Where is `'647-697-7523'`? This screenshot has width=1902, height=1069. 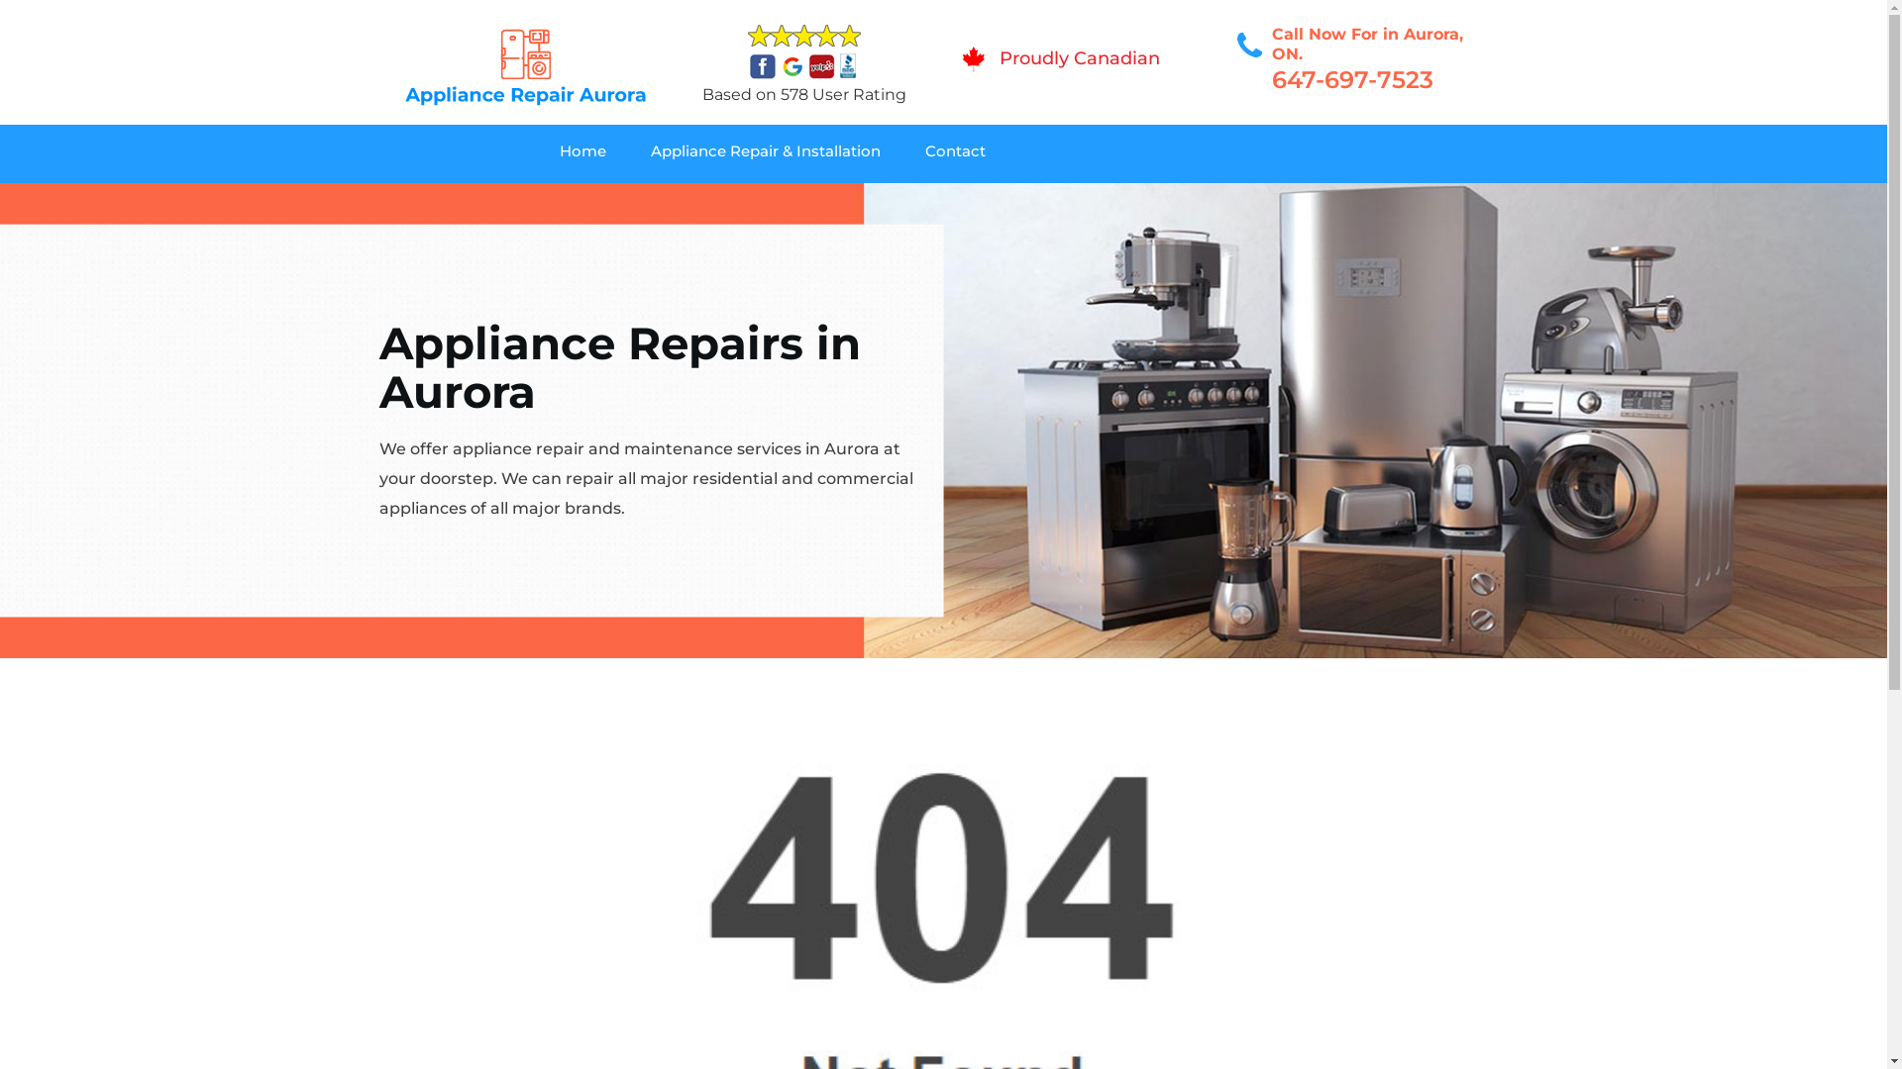 '647-697-7523' is located at coordinates (1351, 78).